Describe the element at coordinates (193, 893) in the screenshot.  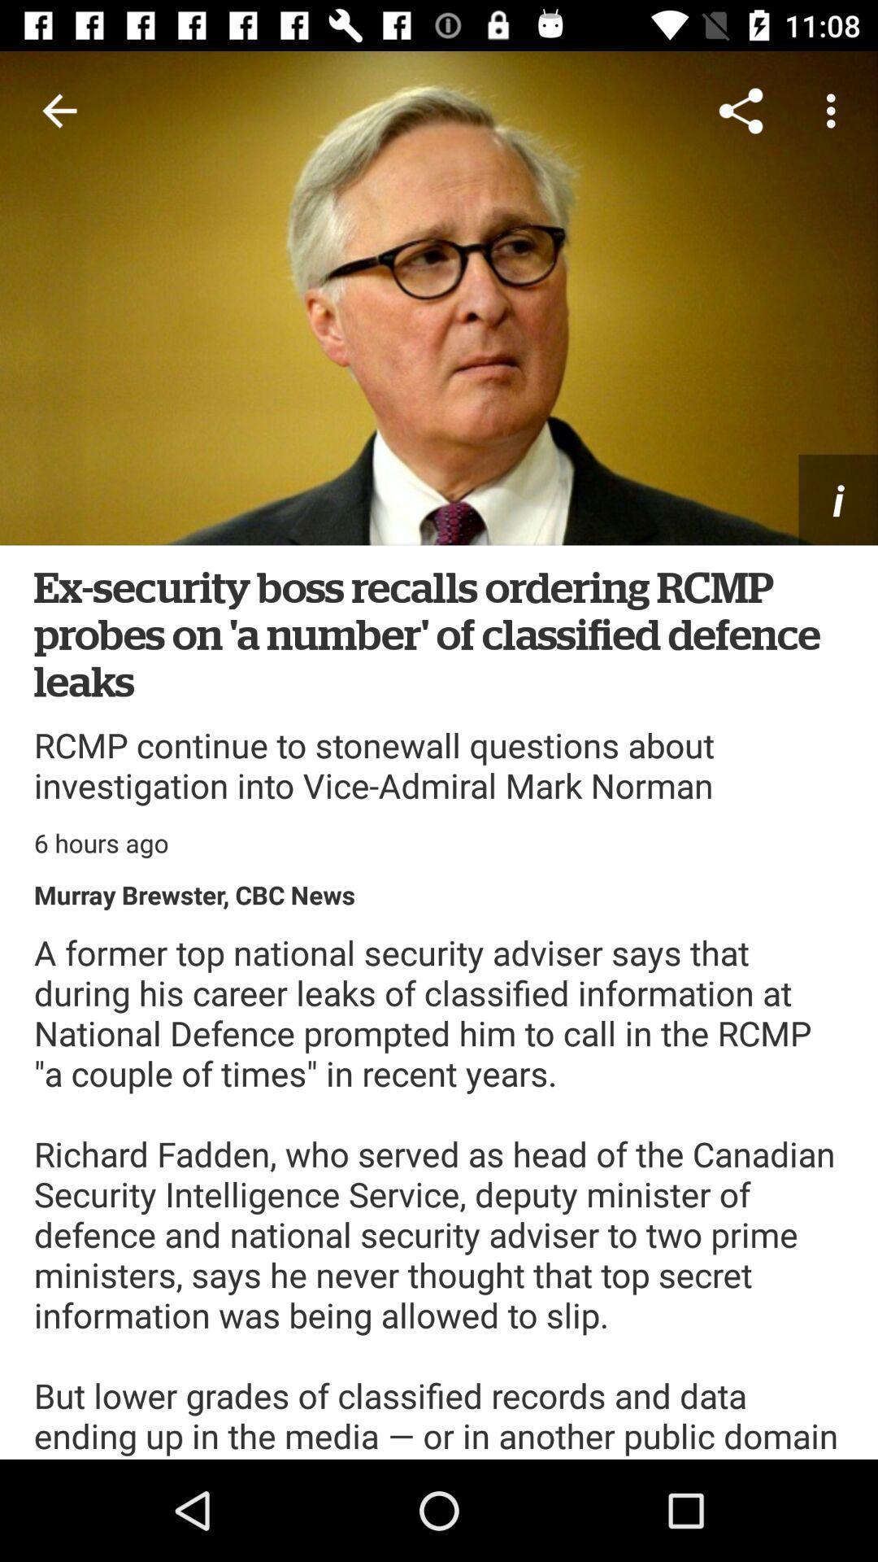
I see `the icon below the 6 hours ago icon` at that location.